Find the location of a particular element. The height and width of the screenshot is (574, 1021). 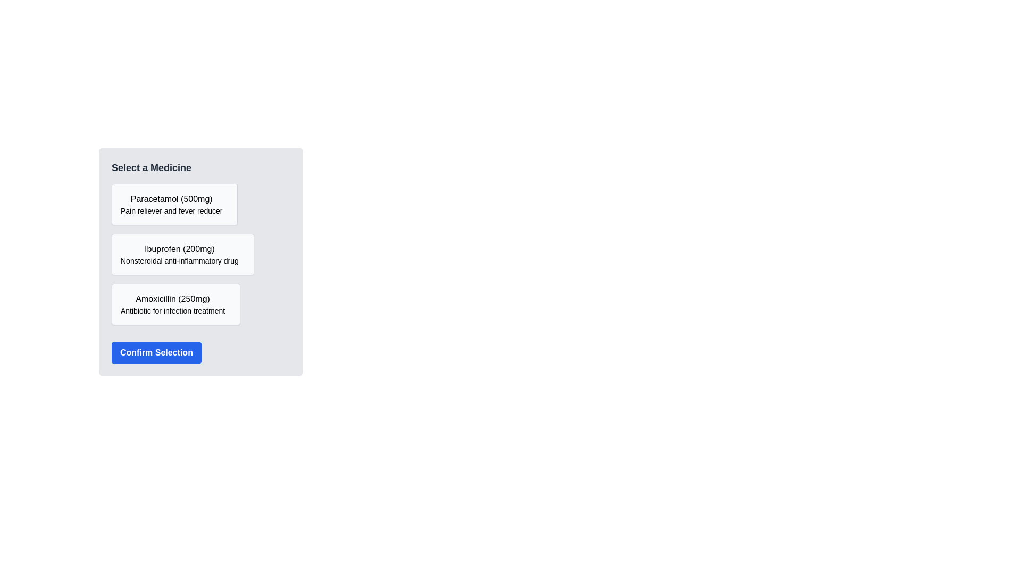

the 'Paracetamol (500mg)' option in the selectable list is located at coordinates (171, 205).